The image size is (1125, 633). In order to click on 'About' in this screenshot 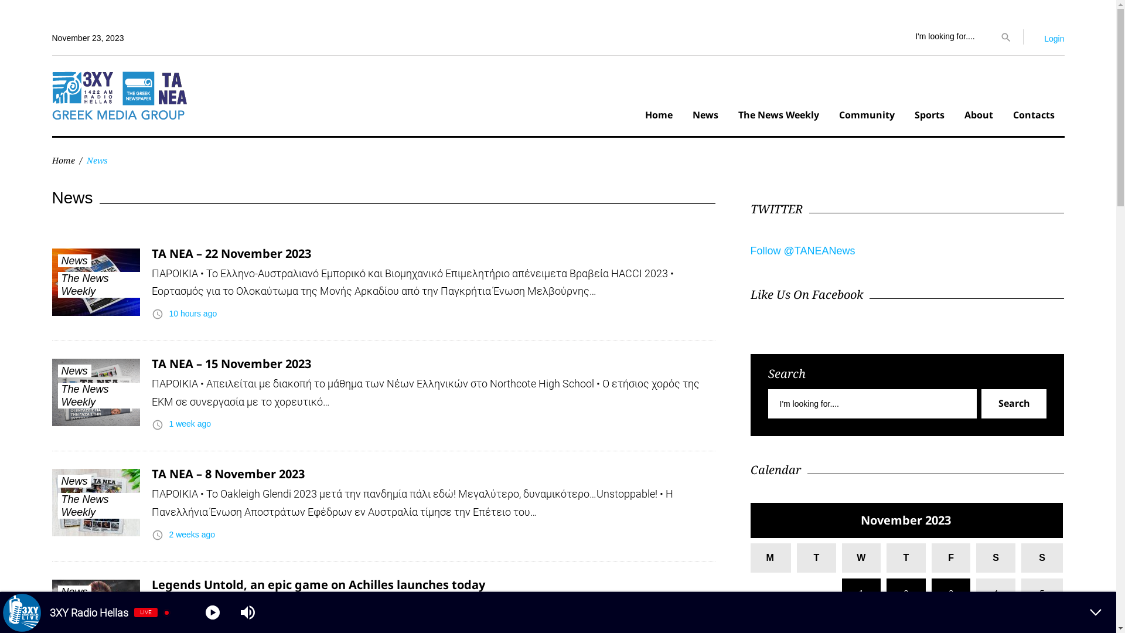, I will do `click(978, 117)`.